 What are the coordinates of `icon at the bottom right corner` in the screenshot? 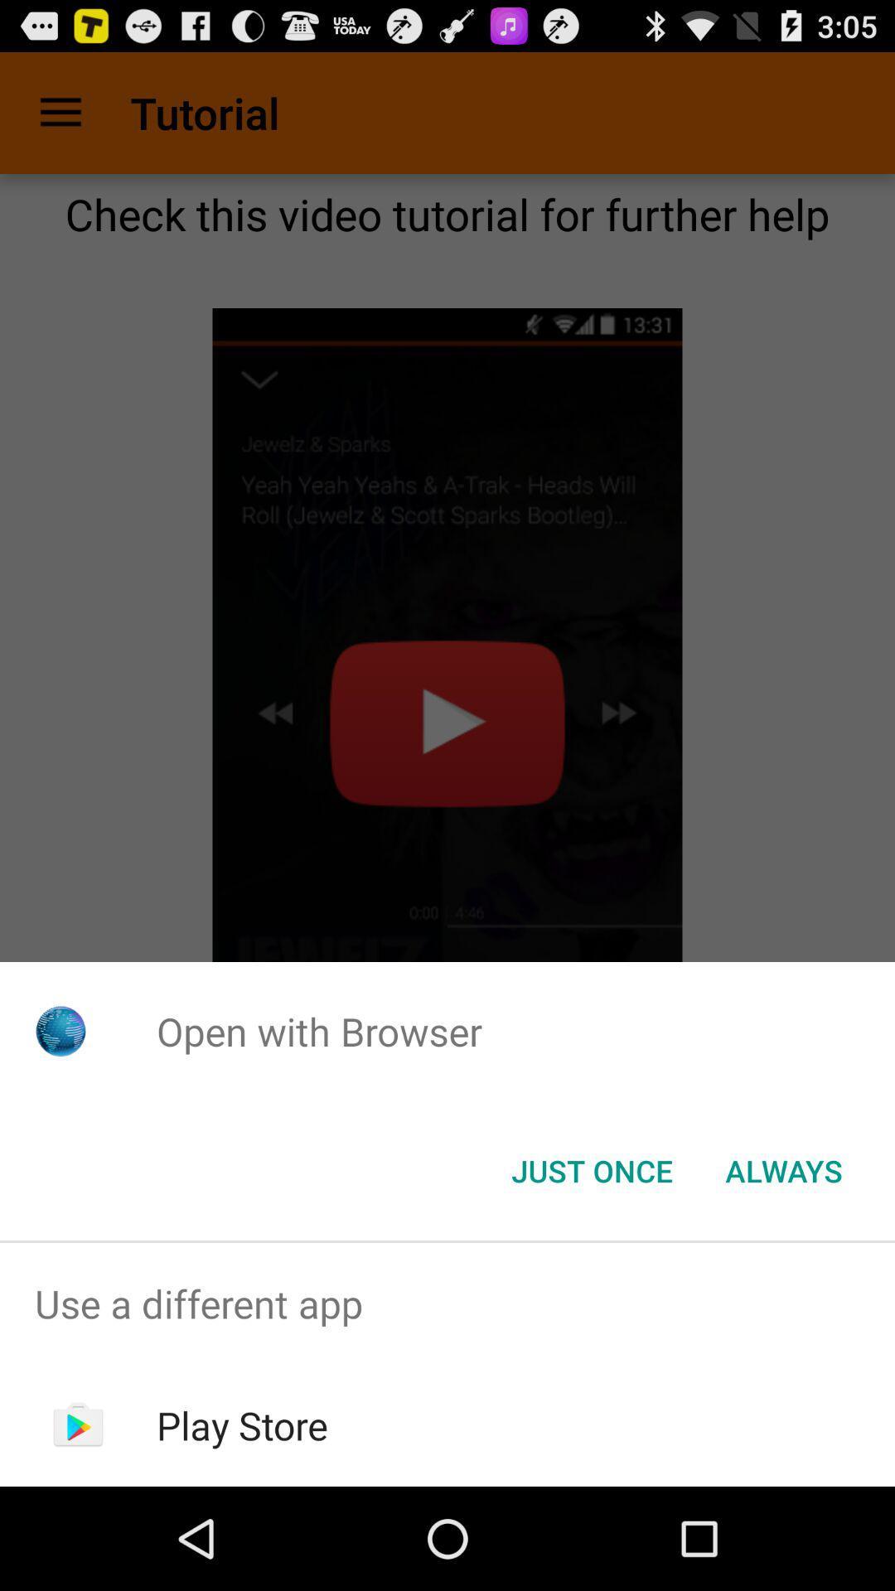 It's located at (783, 1169).